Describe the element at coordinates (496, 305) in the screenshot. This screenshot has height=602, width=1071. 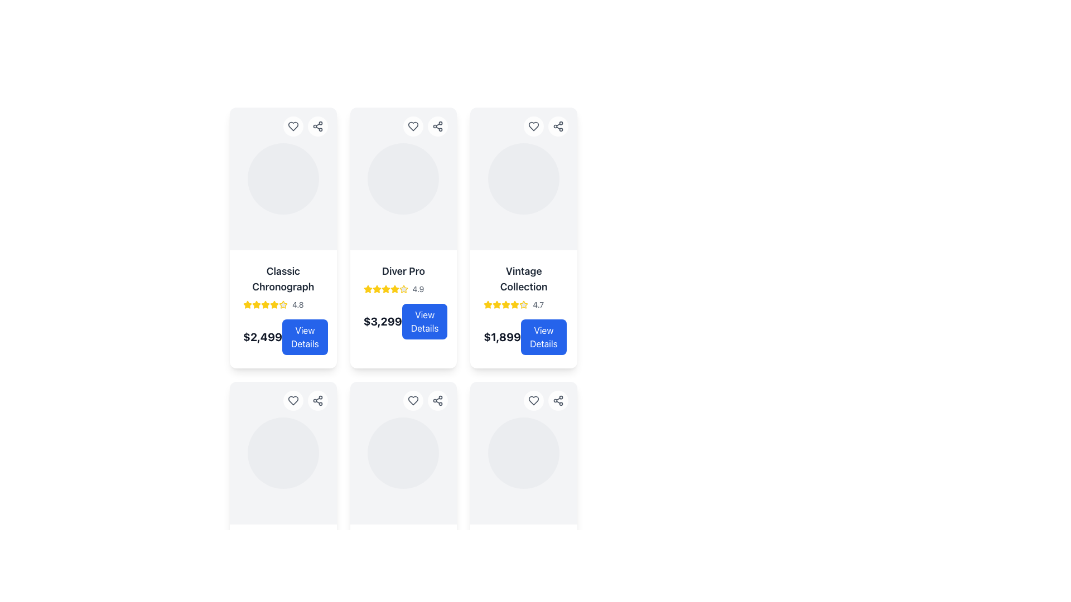
I see `the third yellow star icon used for ratings, located below the title 'Vintage Collection' and above the price text '$1,899'` at that location.